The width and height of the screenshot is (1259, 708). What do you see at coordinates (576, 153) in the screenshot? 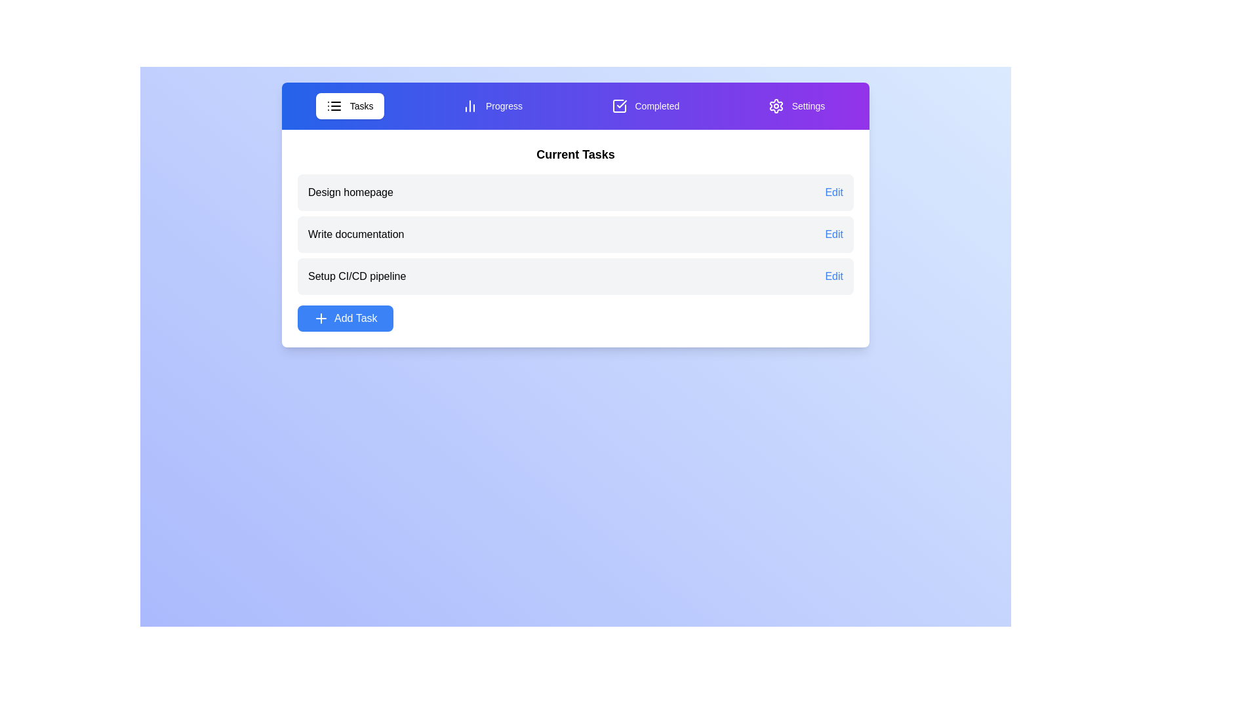
I see `text of the Text Header located at the top center of the panel, which serves as a heading for the current tasks section` at bounding box center [576, 153].